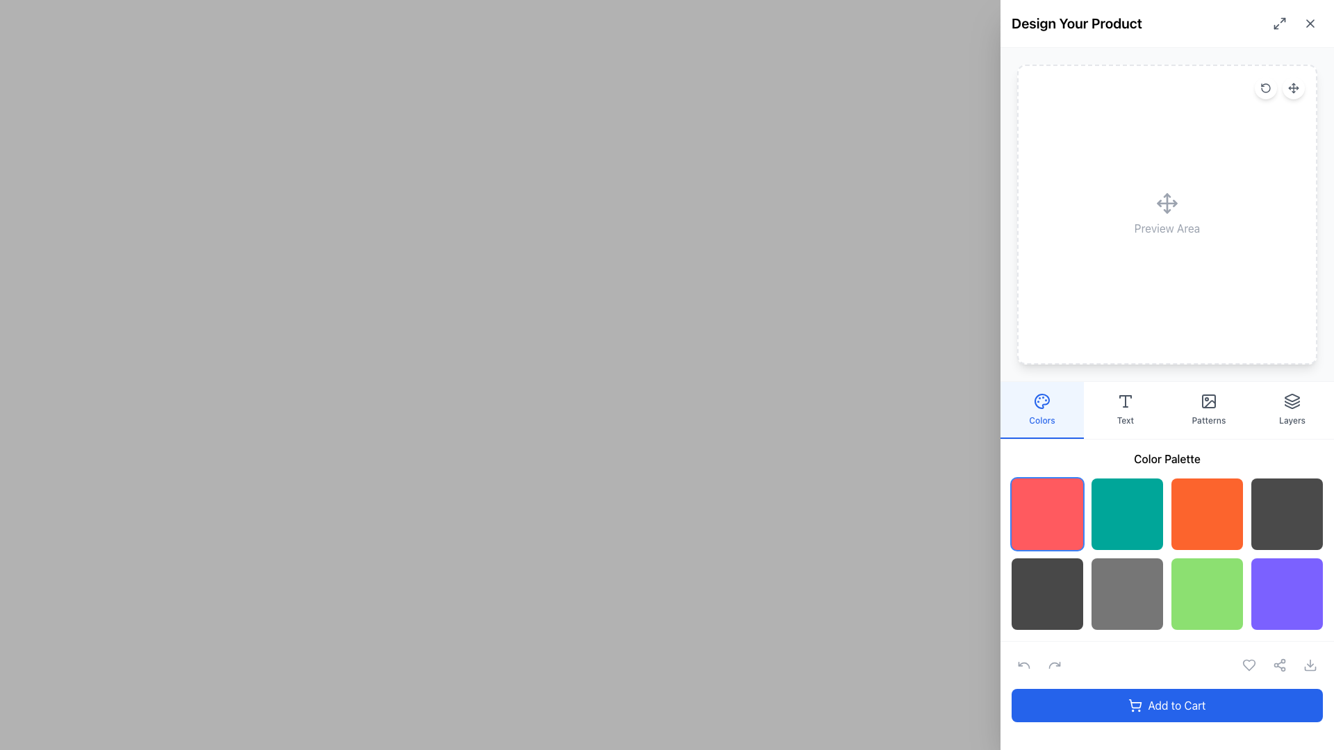 This screenshot has height=750, width=1334. Describe the element at coordinates (1167, 664) in the screenshot. I see `a button within the Toolbar containing action buttons located near the bottom of the interface, above the 'Add to Cart' button` at that location.